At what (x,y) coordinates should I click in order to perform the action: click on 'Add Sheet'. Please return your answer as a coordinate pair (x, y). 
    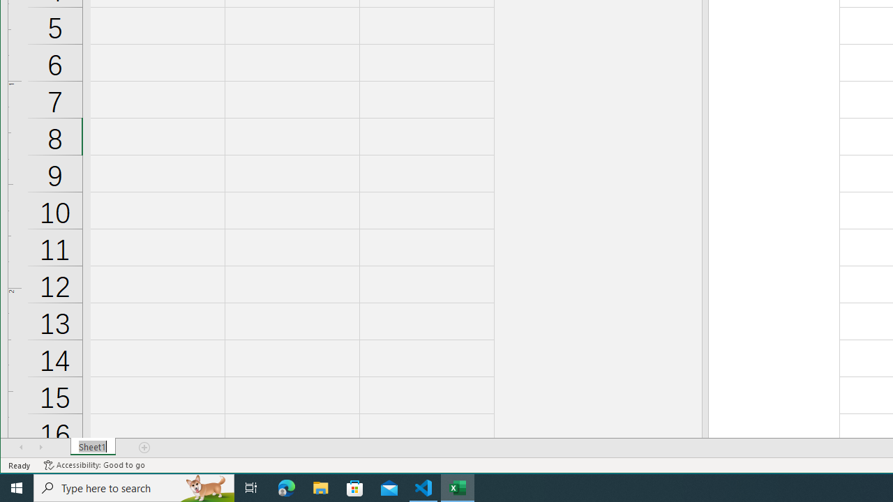
    Looking at the image, I should click on (145, 447).